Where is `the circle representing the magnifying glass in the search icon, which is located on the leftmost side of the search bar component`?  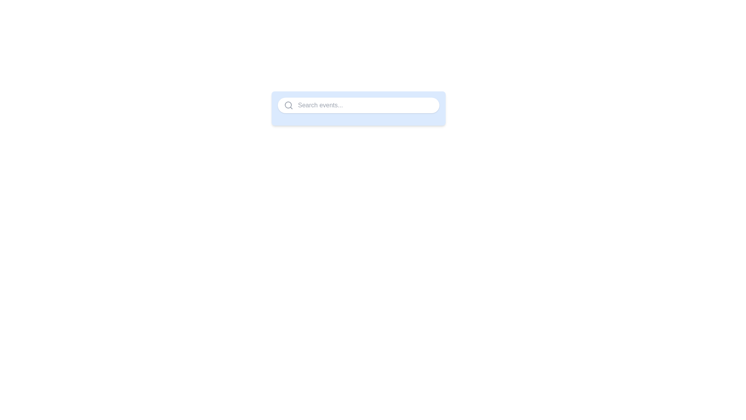
the circle representing the magnifying glass in the search icon, which is located on the leftmost side of the search bar component is located at coordinates (288, 105).